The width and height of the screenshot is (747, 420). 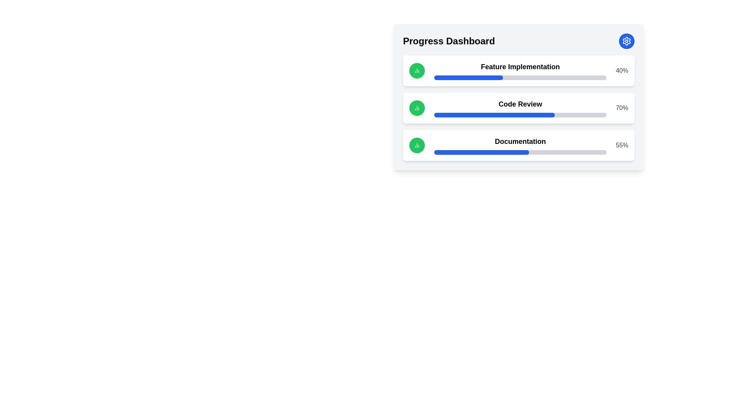 What do you see at coordinates (416, 108) in the screenshot?
I see `the circular green icon with a white chart-like symbol at its center, located on the 'Code Review' card in the progress dashboard interface` at bounding box center [416, 108].